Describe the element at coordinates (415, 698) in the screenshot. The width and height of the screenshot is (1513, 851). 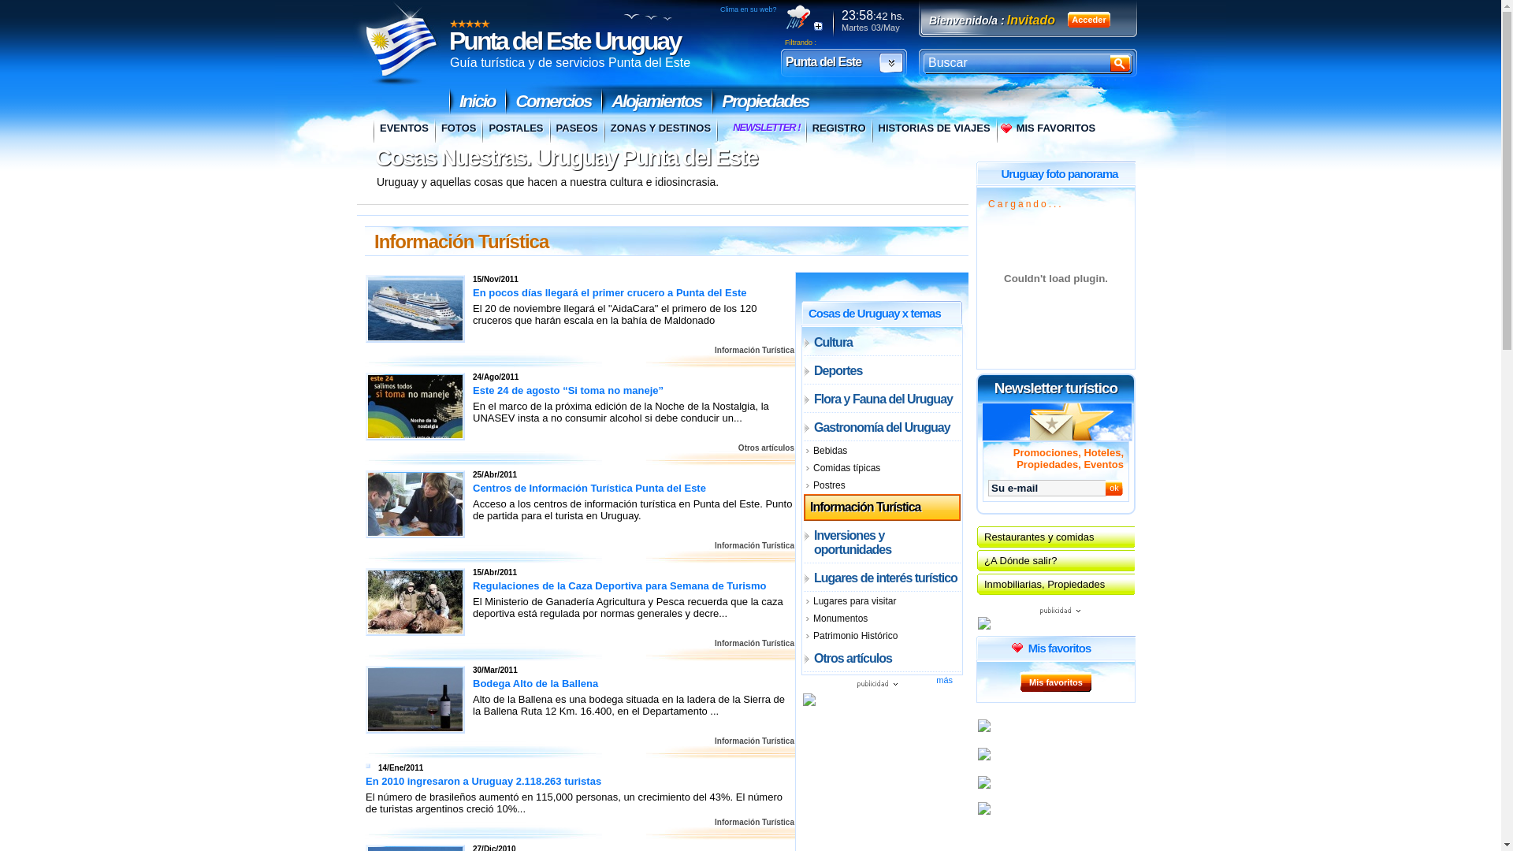
I see `'Bodega Alto de la Ballena'` at that location.